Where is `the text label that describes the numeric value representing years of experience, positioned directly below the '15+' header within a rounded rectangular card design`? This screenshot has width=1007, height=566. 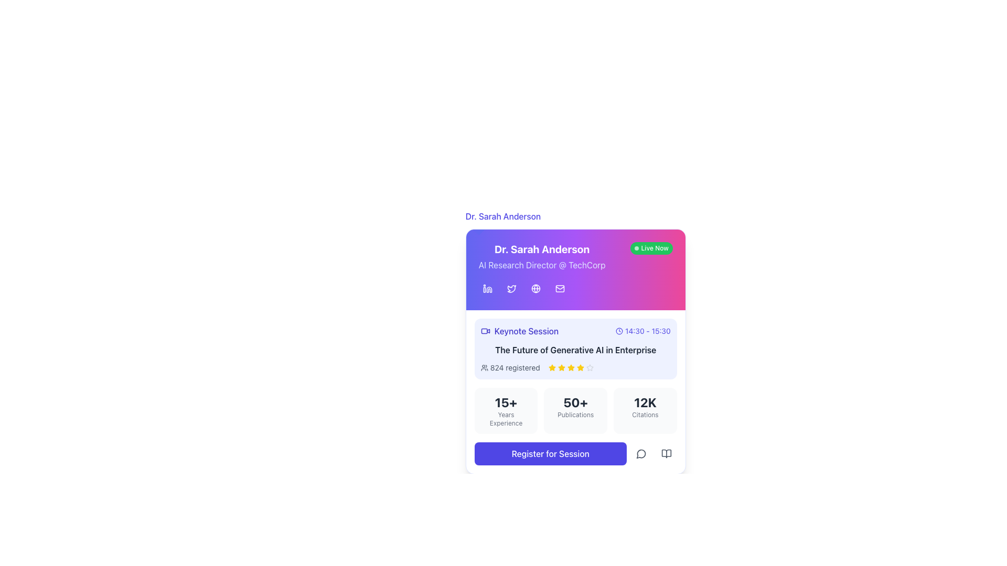
the text label that describes the numeric value representing years of experience, positioned directly below the '15+' header within a rounded rectangular card design is located at coordinates (506, 418).